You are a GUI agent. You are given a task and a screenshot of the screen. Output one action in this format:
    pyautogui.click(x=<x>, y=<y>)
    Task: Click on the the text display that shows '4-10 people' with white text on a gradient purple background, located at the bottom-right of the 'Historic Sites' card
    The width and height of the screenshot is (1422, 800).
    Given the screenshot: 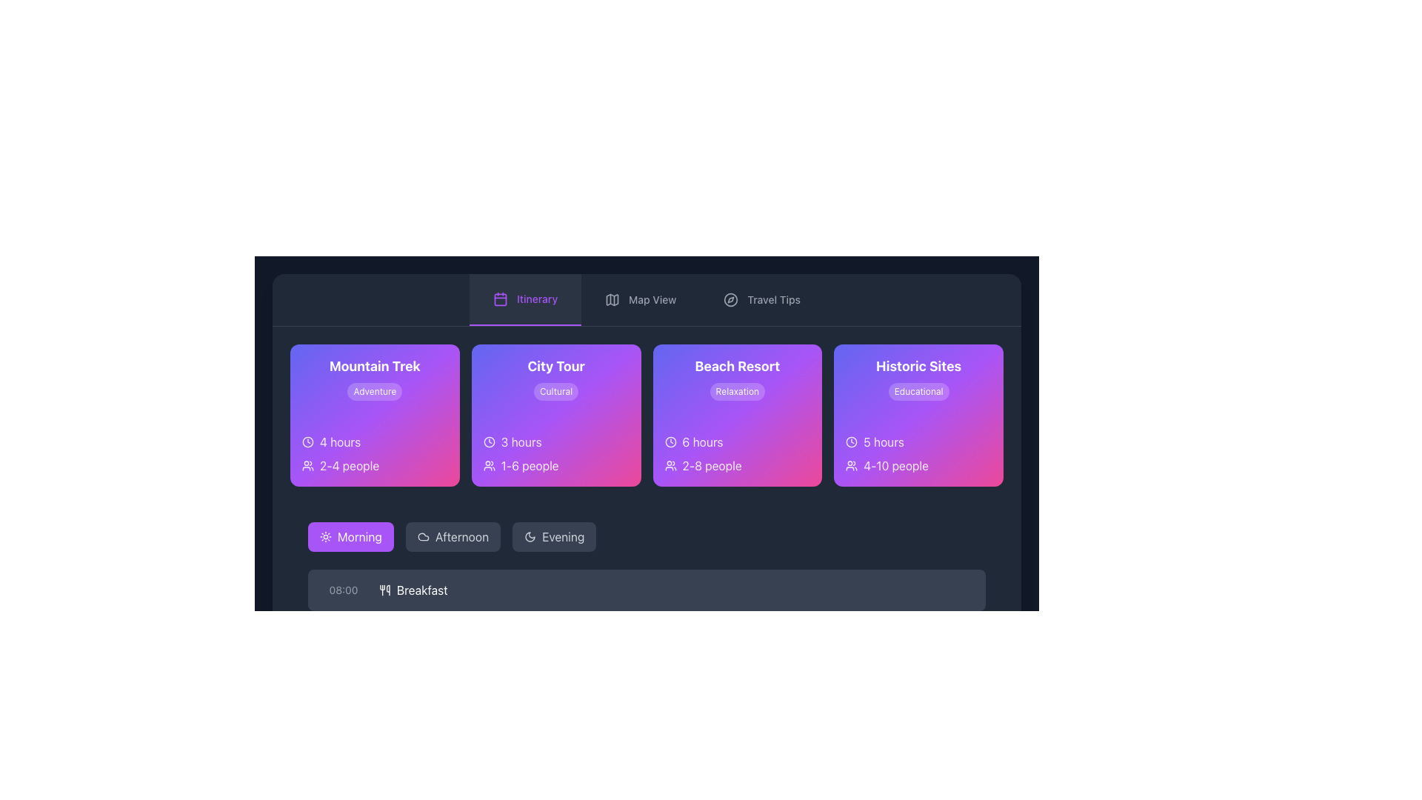 What is the action you would take?
    pyautogui.click(x=895, y=464)
    